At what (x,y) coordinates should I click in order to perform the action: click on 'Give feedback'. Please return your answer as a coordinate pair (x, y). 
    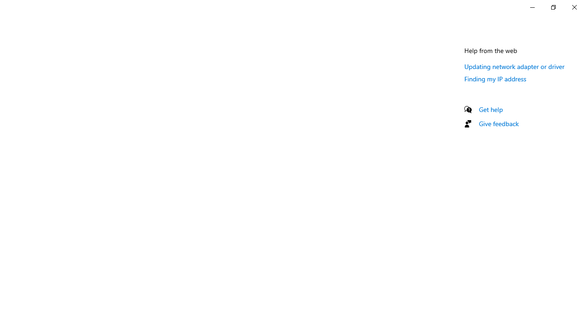
    Looking at the image, I should click on (498, 123).